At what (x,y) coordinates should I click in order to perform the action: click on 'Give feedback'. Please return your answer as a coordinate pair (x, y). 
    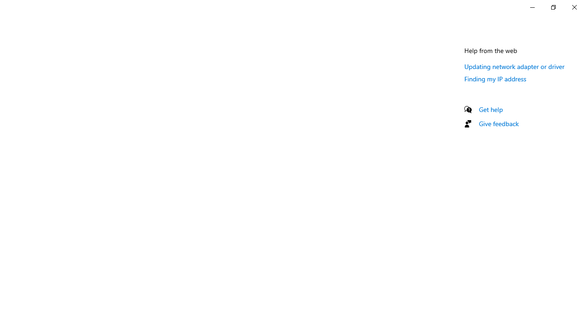
    Looking at the image, I should click on (498, 123).